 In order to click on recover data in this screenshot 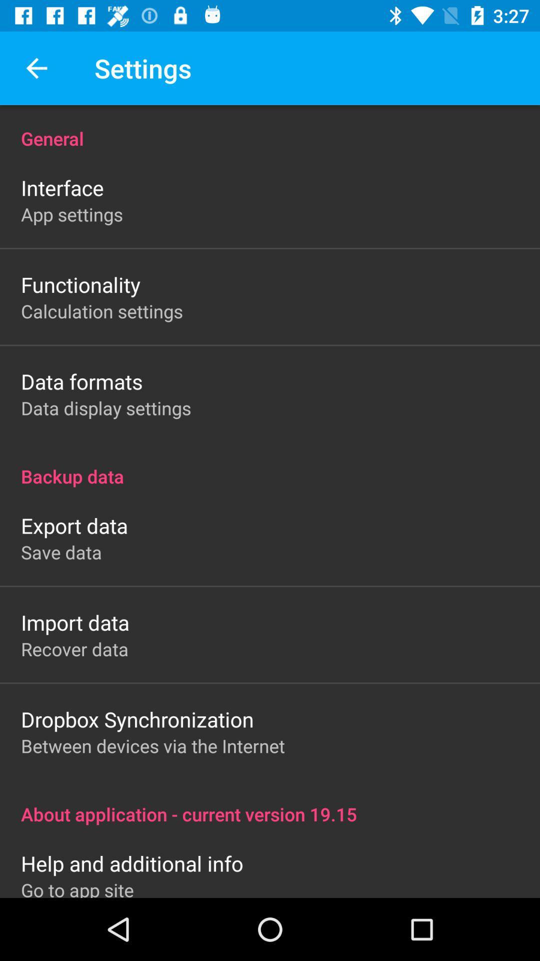, I will do `click(74, 649)`.